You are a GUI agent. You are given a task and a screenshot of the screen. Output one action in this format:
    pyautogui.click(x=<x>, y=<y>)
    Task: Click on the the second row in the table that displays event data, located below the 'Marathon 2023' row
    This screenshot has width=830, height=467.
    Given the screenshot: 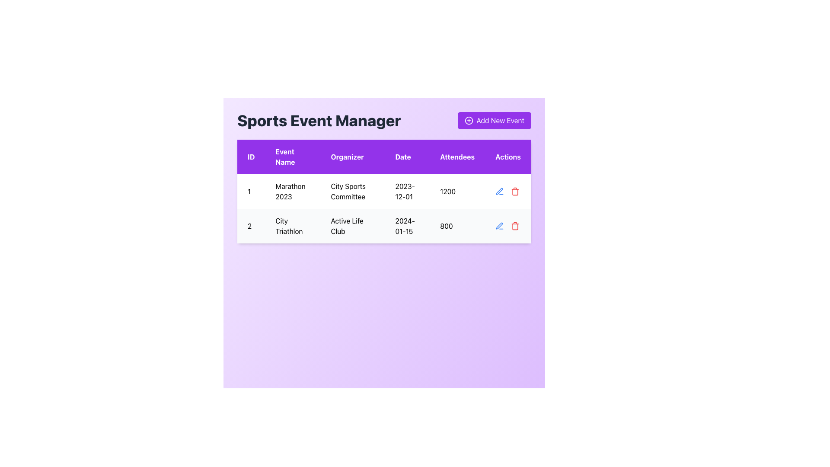 What is the action you would take?
    pyautogui.click(x=383, y=226)
    